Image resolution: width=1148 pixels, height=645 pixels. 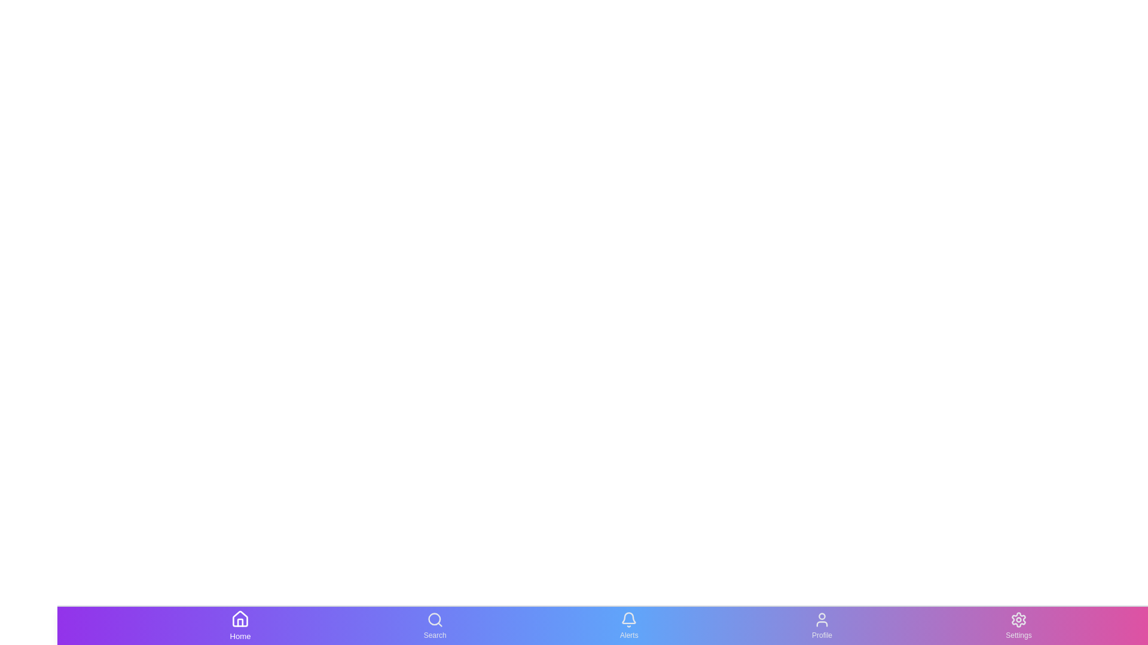 I want to click on the Profile tab in the bottom navigation bar, so click(x=821, y=625).